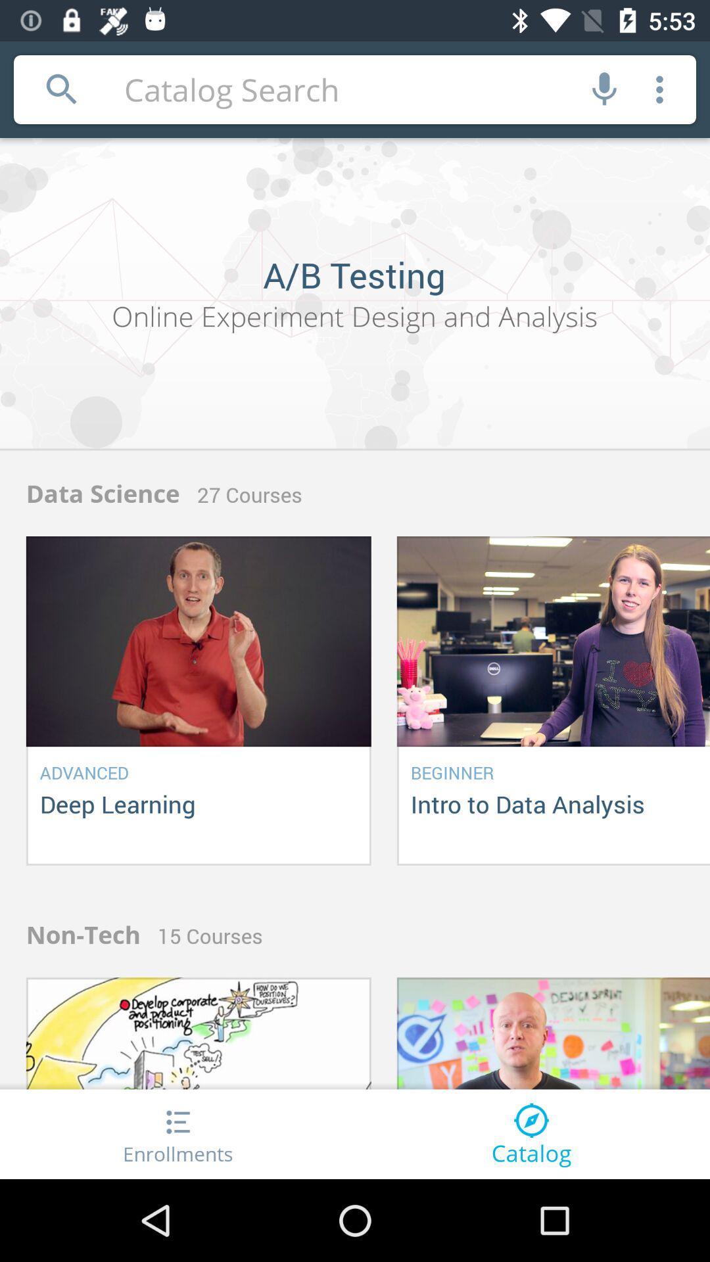 This screenshot has width=710, height=1262. I want to click on the icon to the right of catalog search, so click(604, 89).